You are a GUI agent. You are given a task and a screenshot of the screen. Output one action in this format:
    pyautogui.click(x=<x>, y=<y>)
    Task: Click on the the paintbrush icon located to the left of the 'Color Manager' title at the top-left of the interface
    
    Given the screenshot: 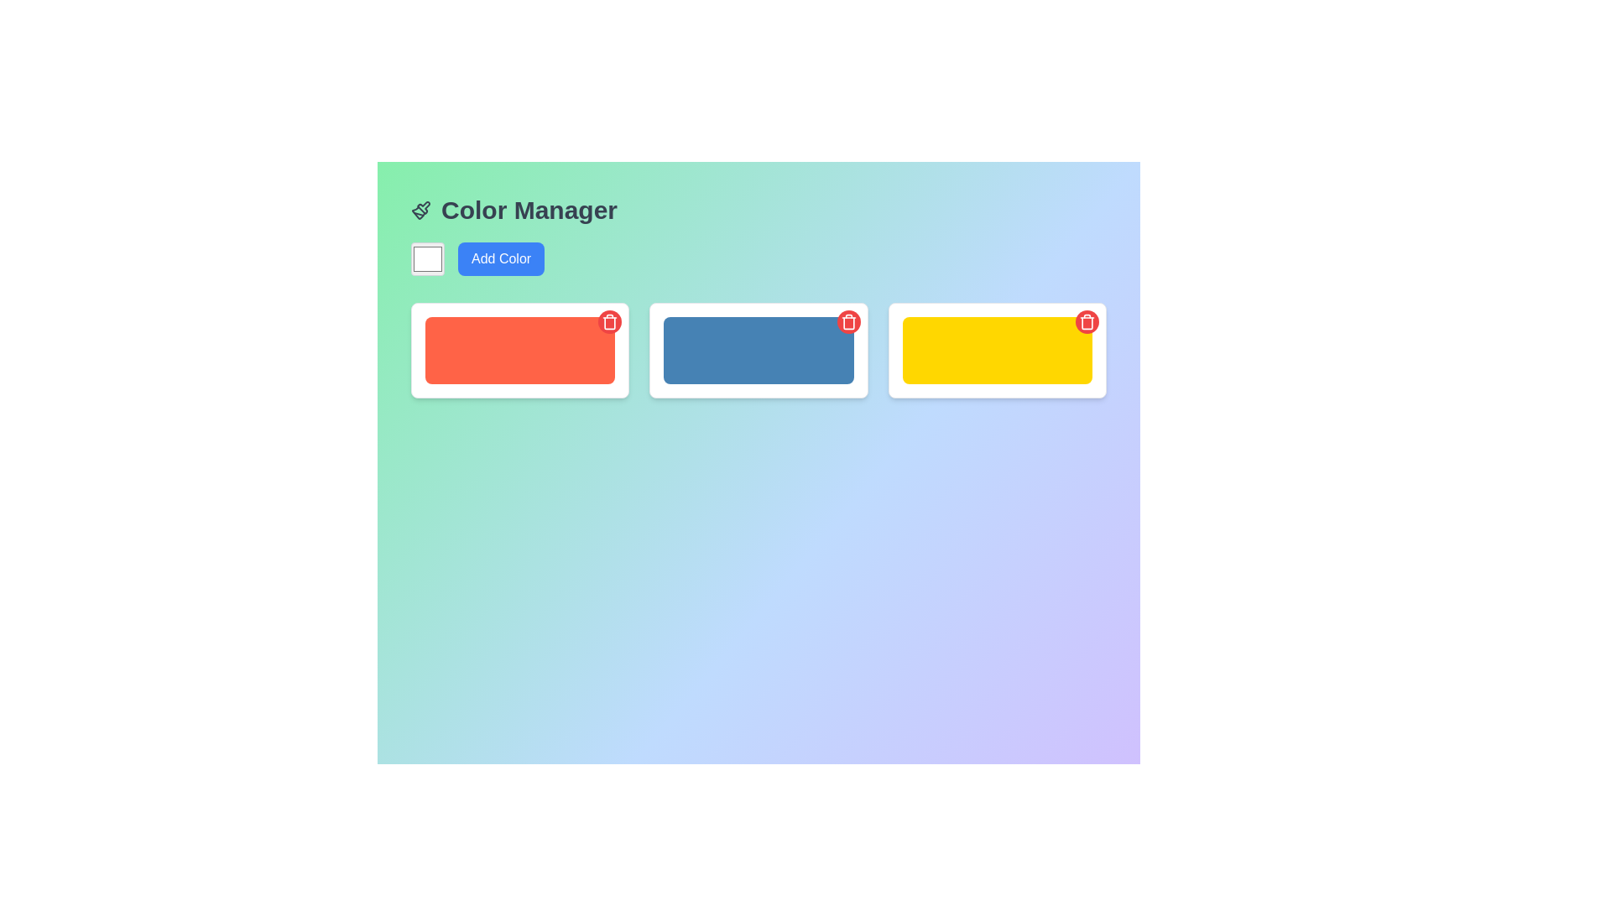 What is the action you would take?
    pyautogui.click(x=421, y=209)
    